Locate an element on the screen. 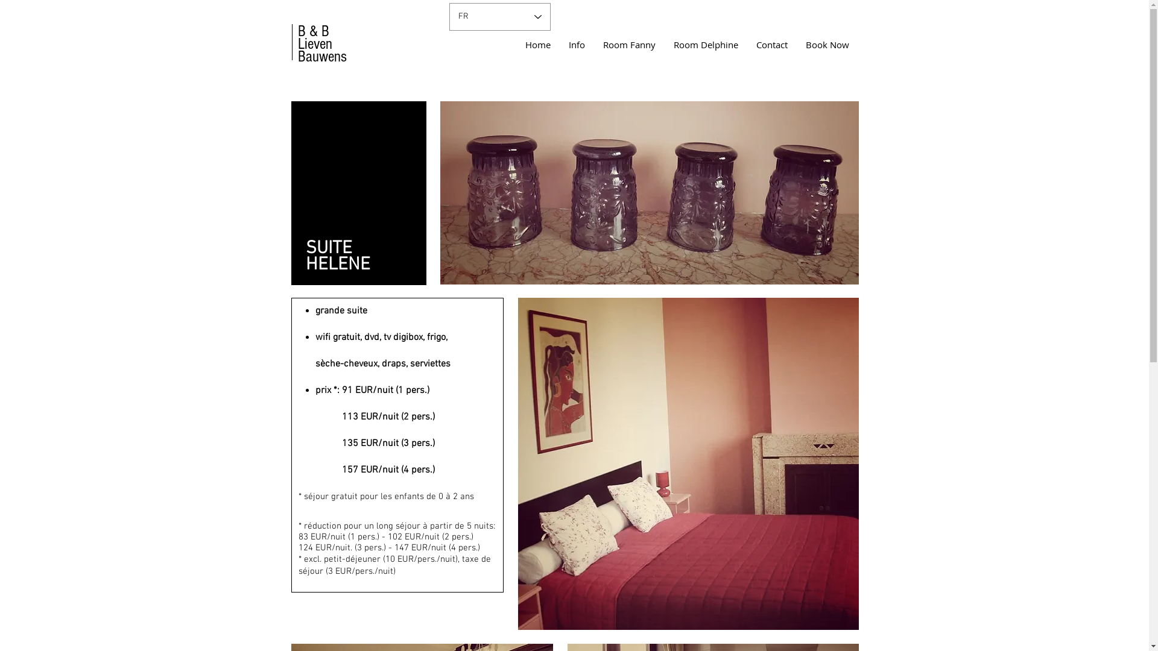 The width and height of the screenshot is (1158, 651). 'Room Delphine' is located at coordinates (706, 43).